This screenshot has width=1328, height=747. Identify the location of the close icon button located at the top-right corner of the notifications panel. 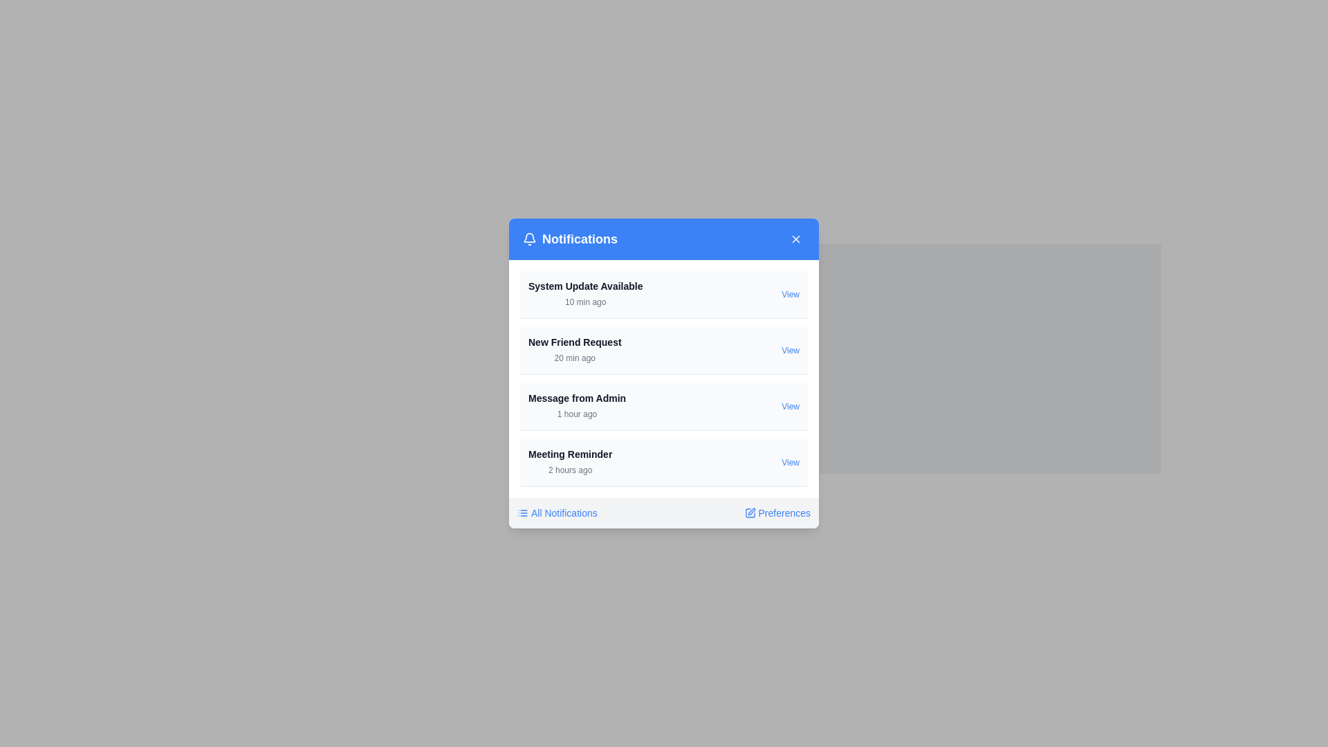
(796, 239).